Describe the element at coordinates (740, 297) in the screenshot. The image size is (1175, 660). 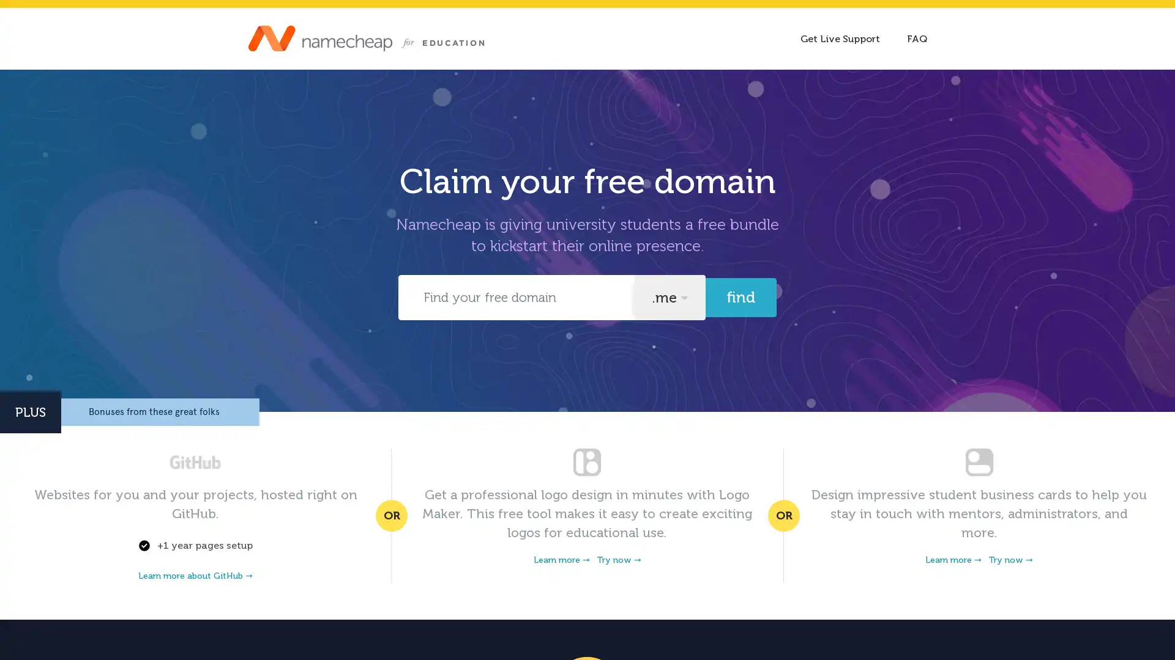
I see `find` at that location.